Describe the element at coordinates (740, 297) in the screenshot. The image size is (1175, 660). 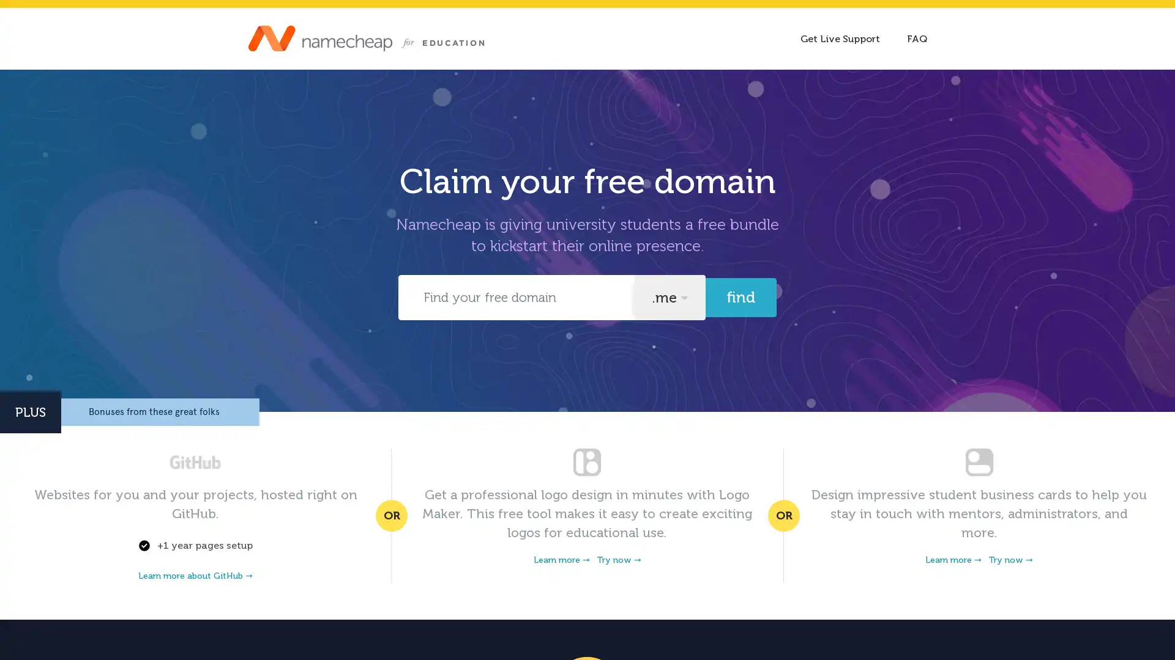
I see `find` at that location.